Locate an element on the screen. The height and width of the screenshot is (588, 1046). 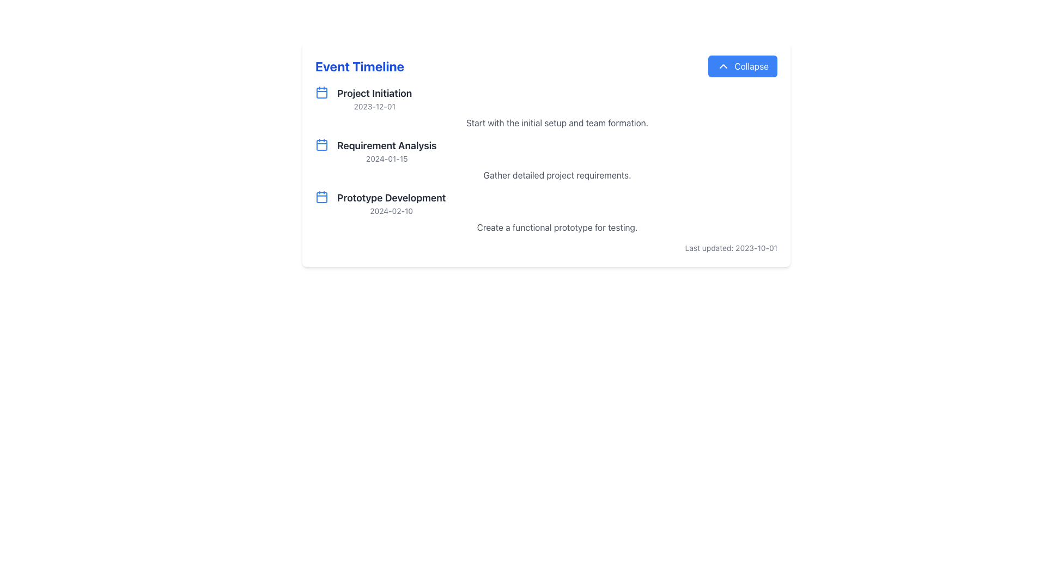
the graphical rectangle that represents the calendar icon located to the left of the text 'Project Initiation' in the 'Event Timeline' section is located at coordinates (321, 92).